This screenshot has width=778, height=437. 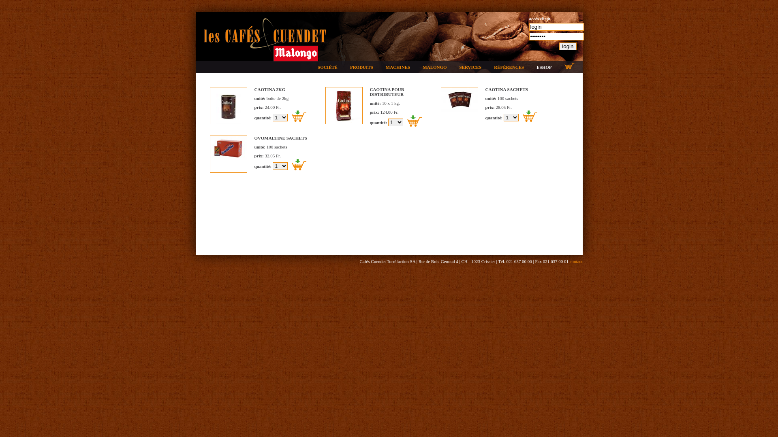 What do you see at coordinates (344, 105) in the screenshot?
I see `'Caotina, voir +...'` at bounding box center [344, 105].